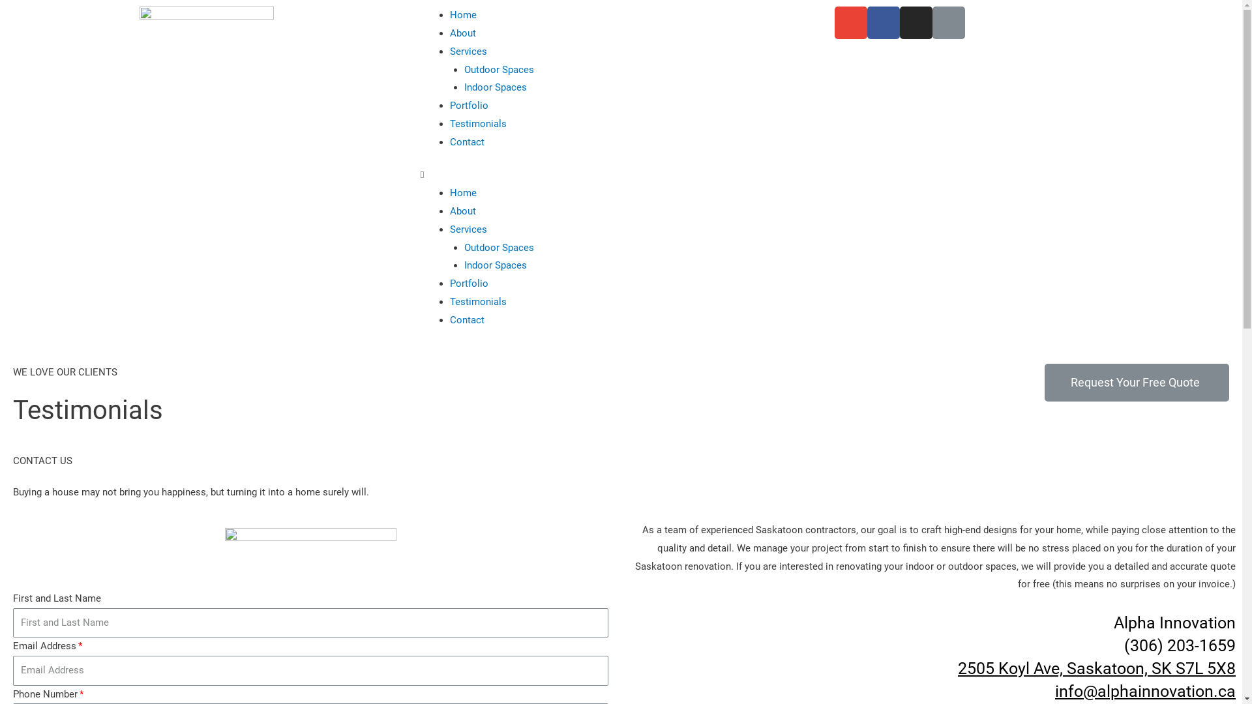  Describe the element at coordinates (469, 105) in the screenshot. I see `'Portfolio'` at that location.